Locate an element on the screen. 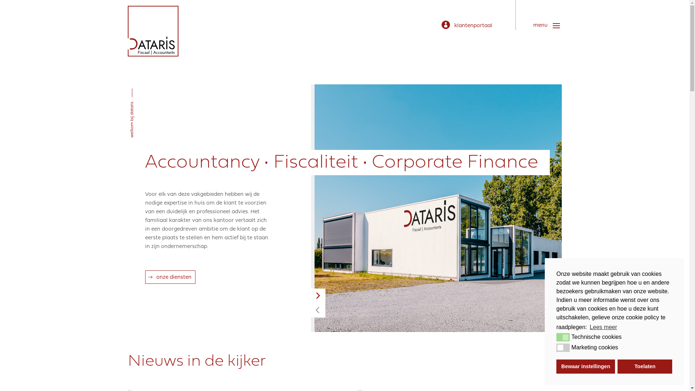  'Lees meer' is located at coordinates (603, 327).